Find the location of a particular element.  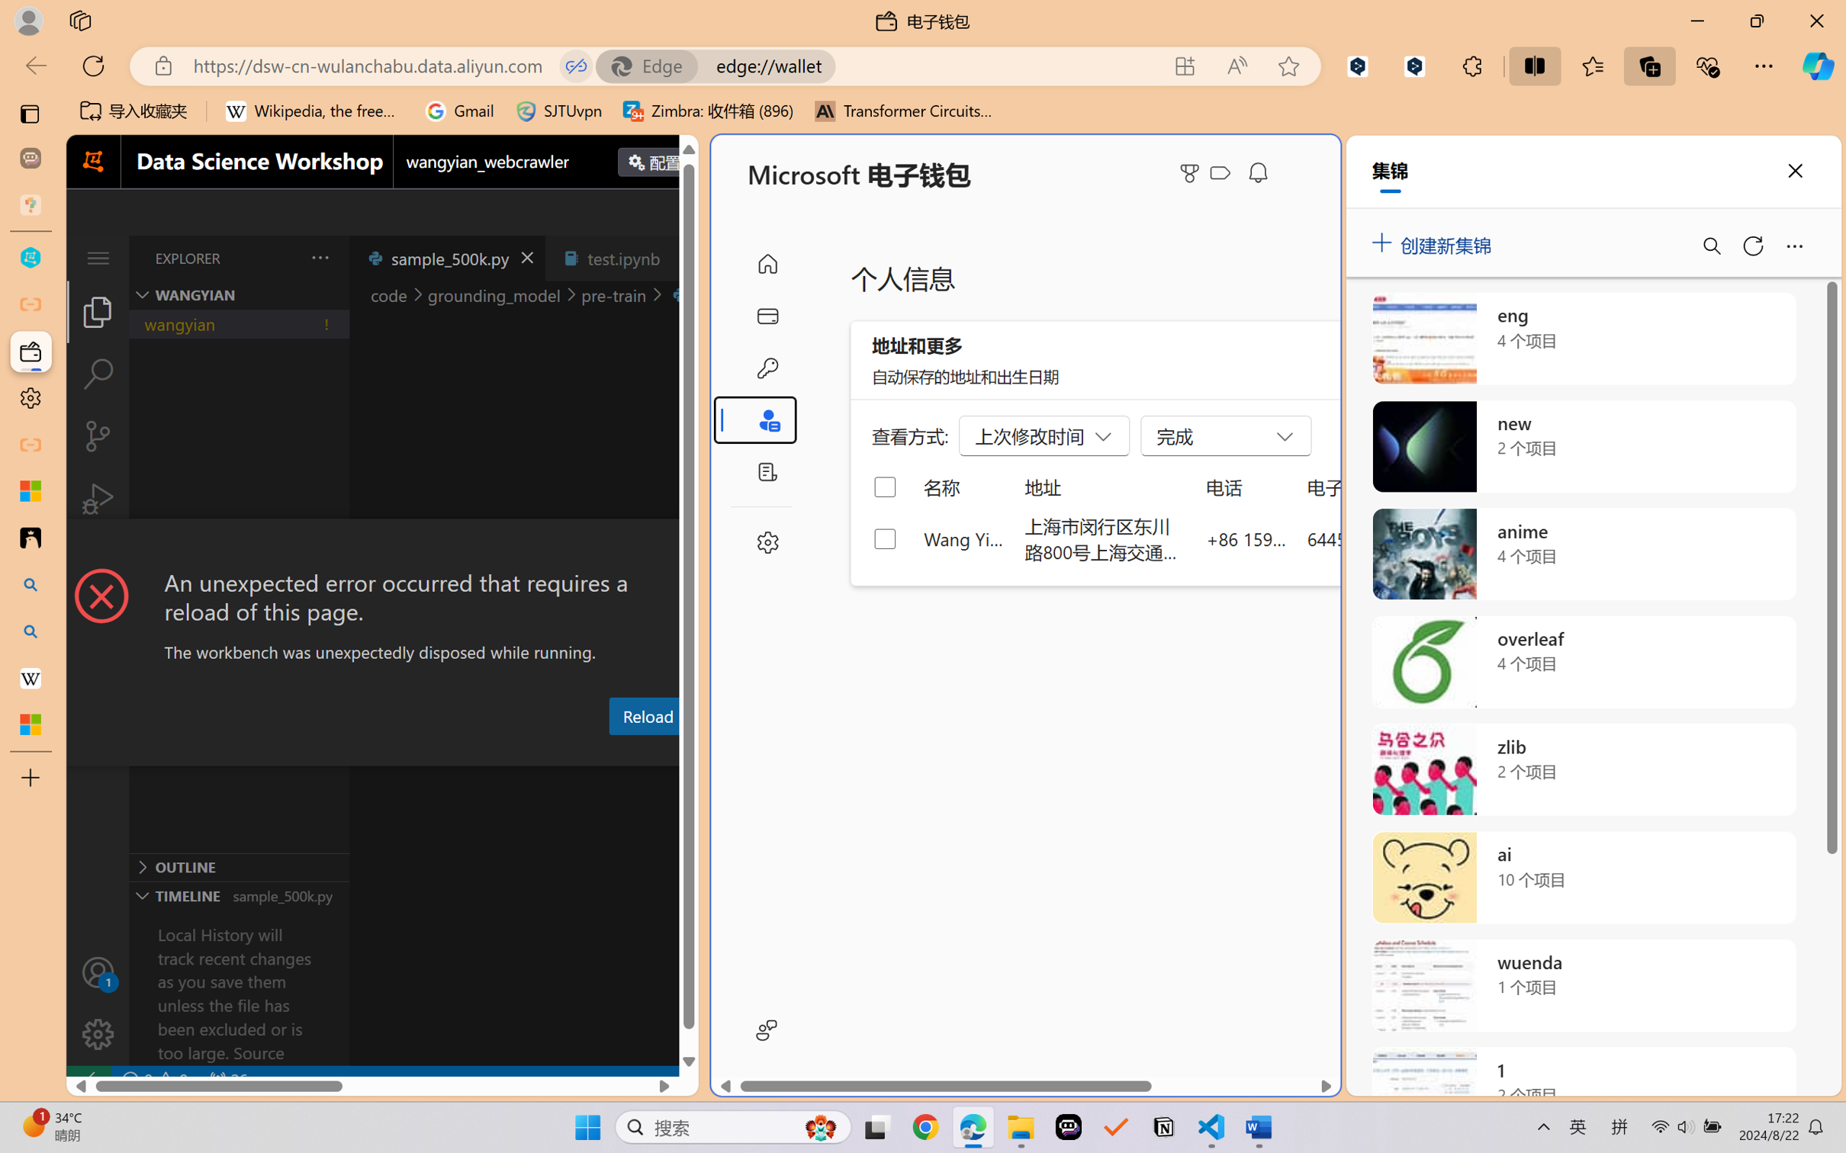

'test.ipynb' is located at coordinates (623, 257).